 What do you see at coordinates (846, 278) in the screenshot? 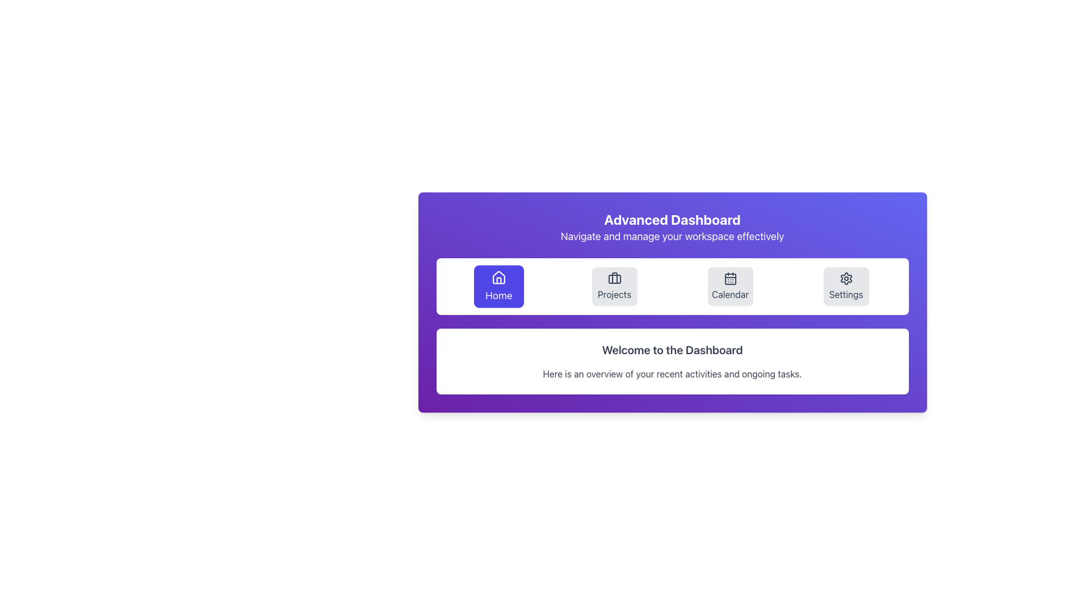
I see `the settings icon located within the 'Settings' button in the navigation bar` at bounding box center [846, 278].